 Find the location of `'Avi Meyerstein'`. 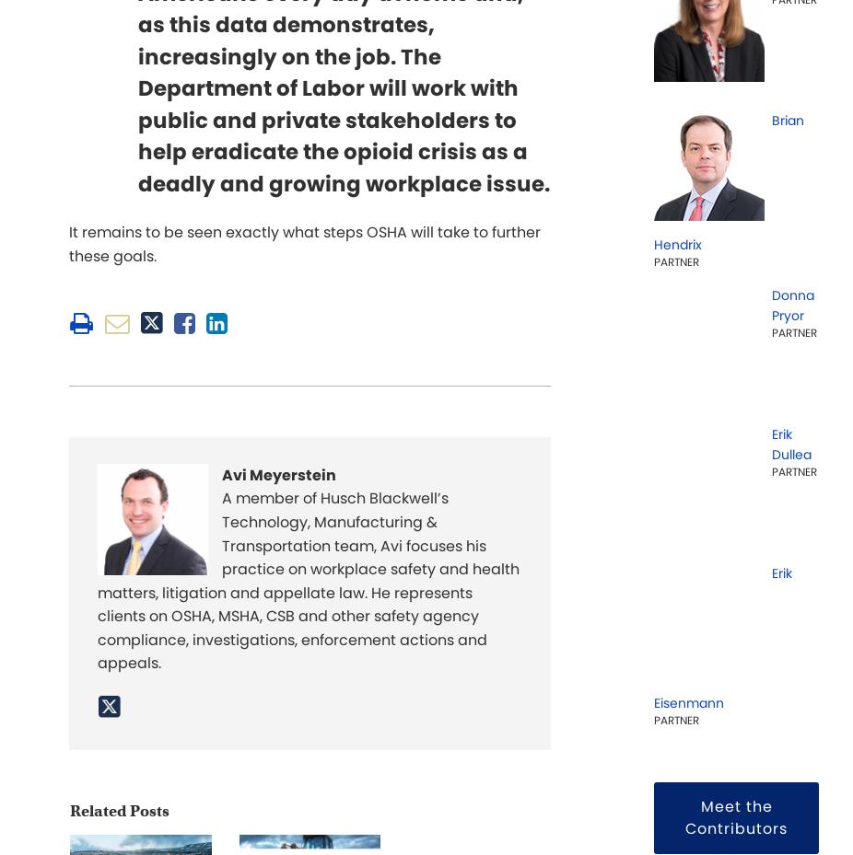

'Avi Meyerstein' is located at coordinates (278, 474).